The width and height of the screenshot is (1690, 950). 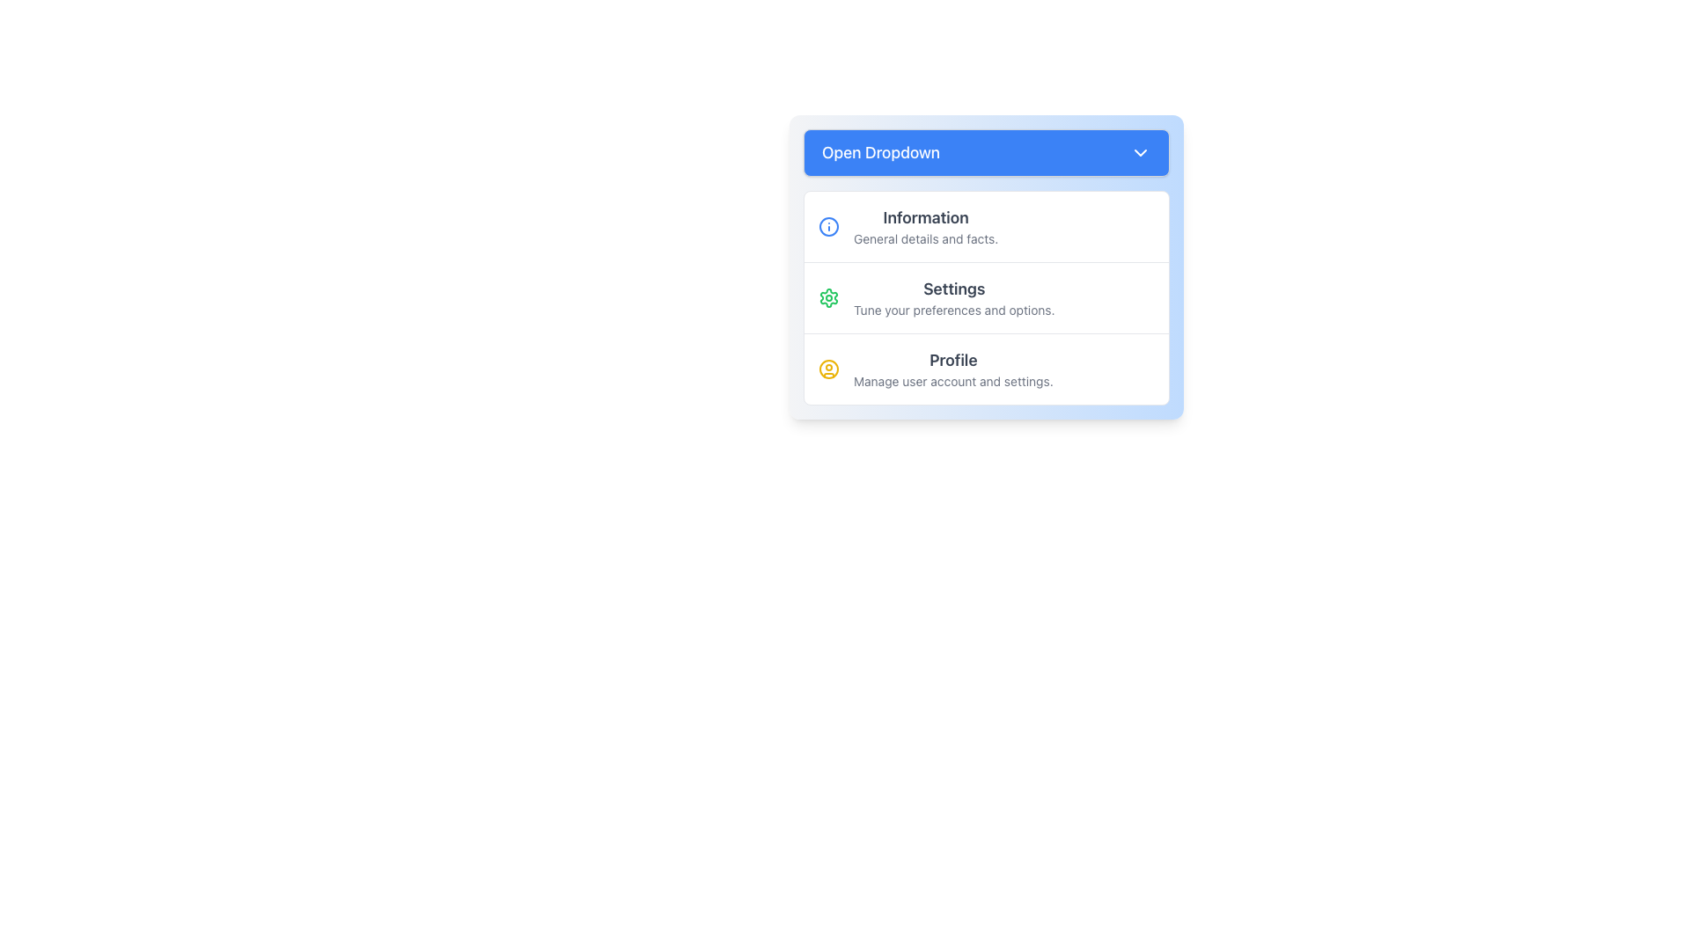 I want to click on displayed text of the first item in the dropdown menu located below the 'Open Dropdown' header, so click(x=925, y=226).